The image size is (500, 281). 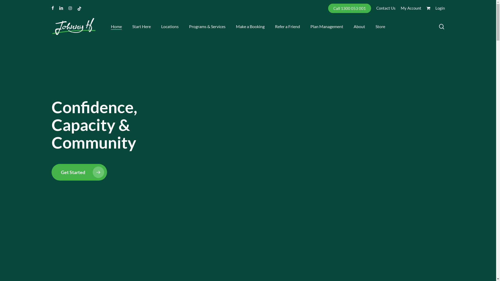 I want to click on 'Login', so click(x=435, y=8).